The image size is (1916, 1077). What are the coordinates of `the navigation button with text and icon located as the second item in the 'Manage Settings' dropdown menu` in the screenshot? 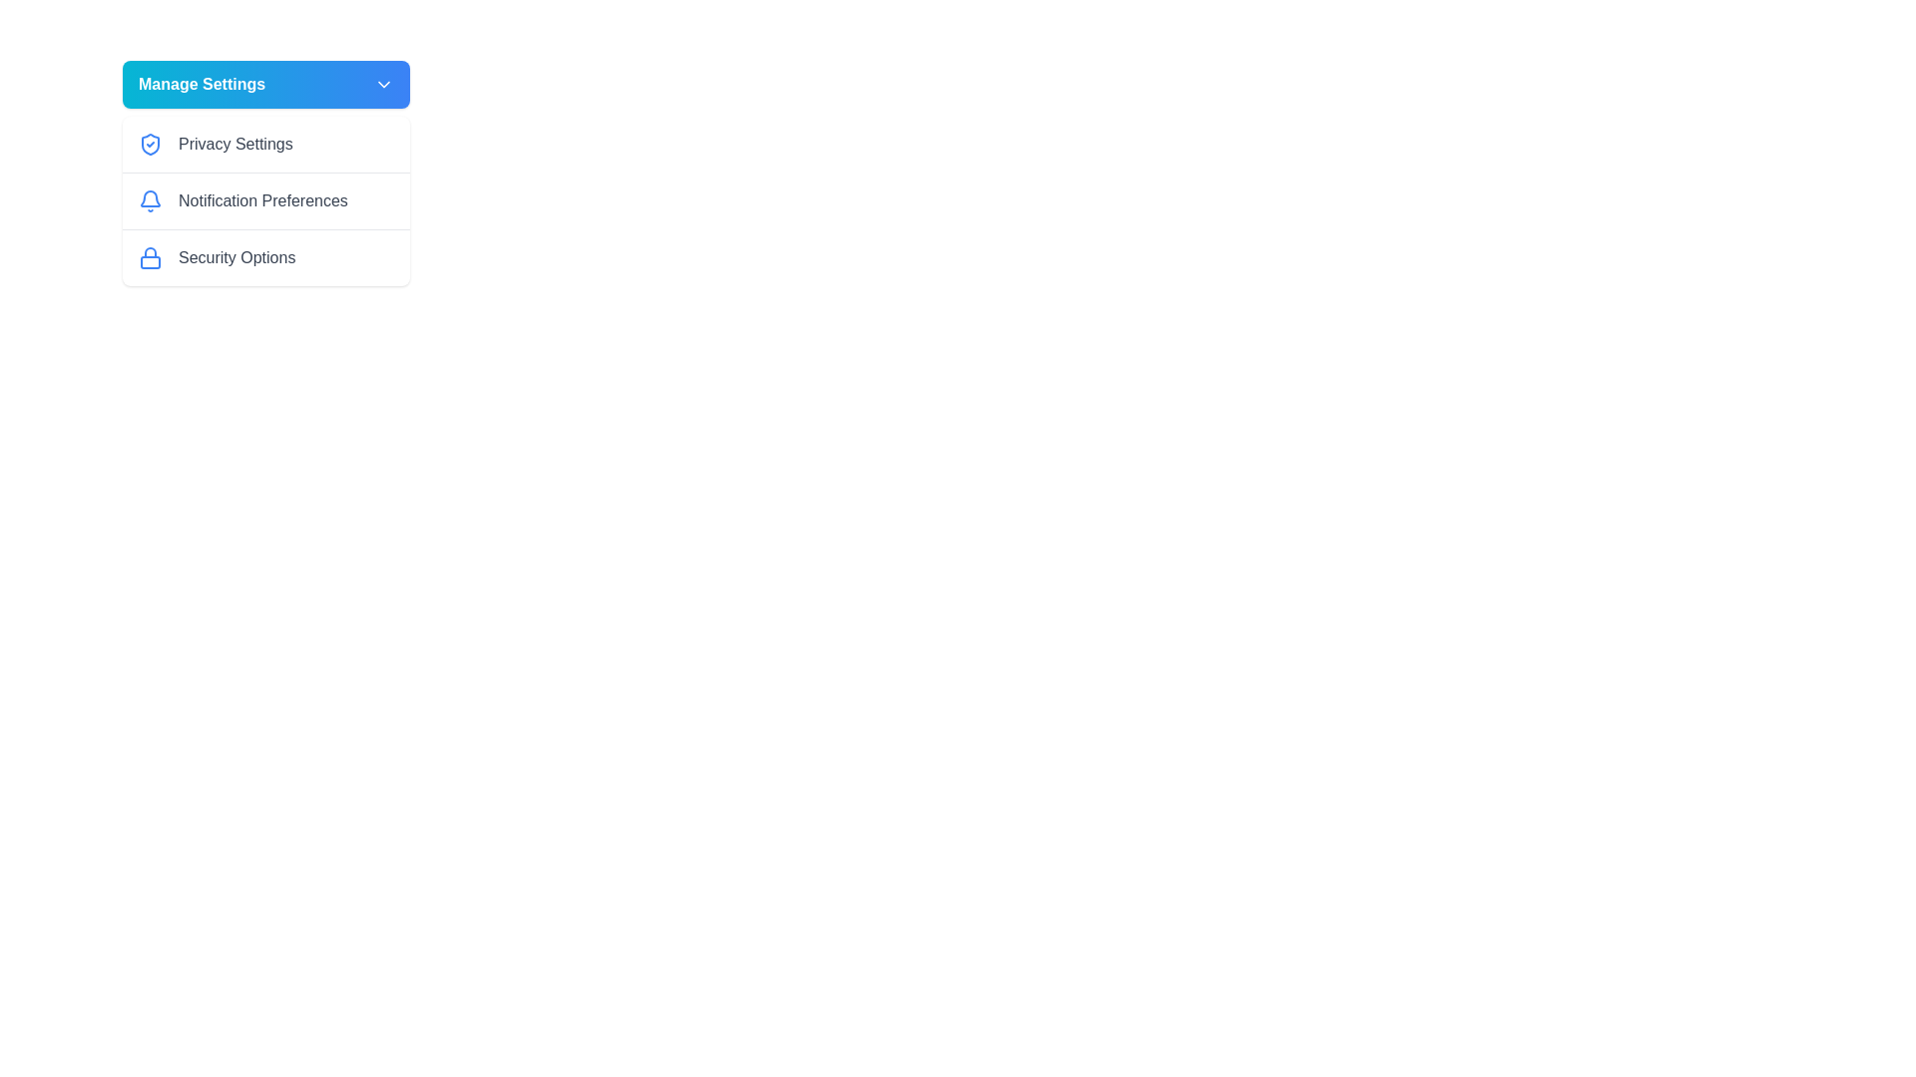 It's located at (265, 200).